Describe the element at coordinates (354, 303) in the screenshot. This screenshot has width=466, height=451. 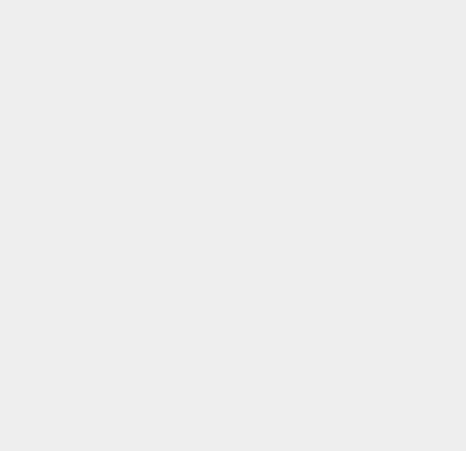
I see `'Wordpress Plugins'` at that location.